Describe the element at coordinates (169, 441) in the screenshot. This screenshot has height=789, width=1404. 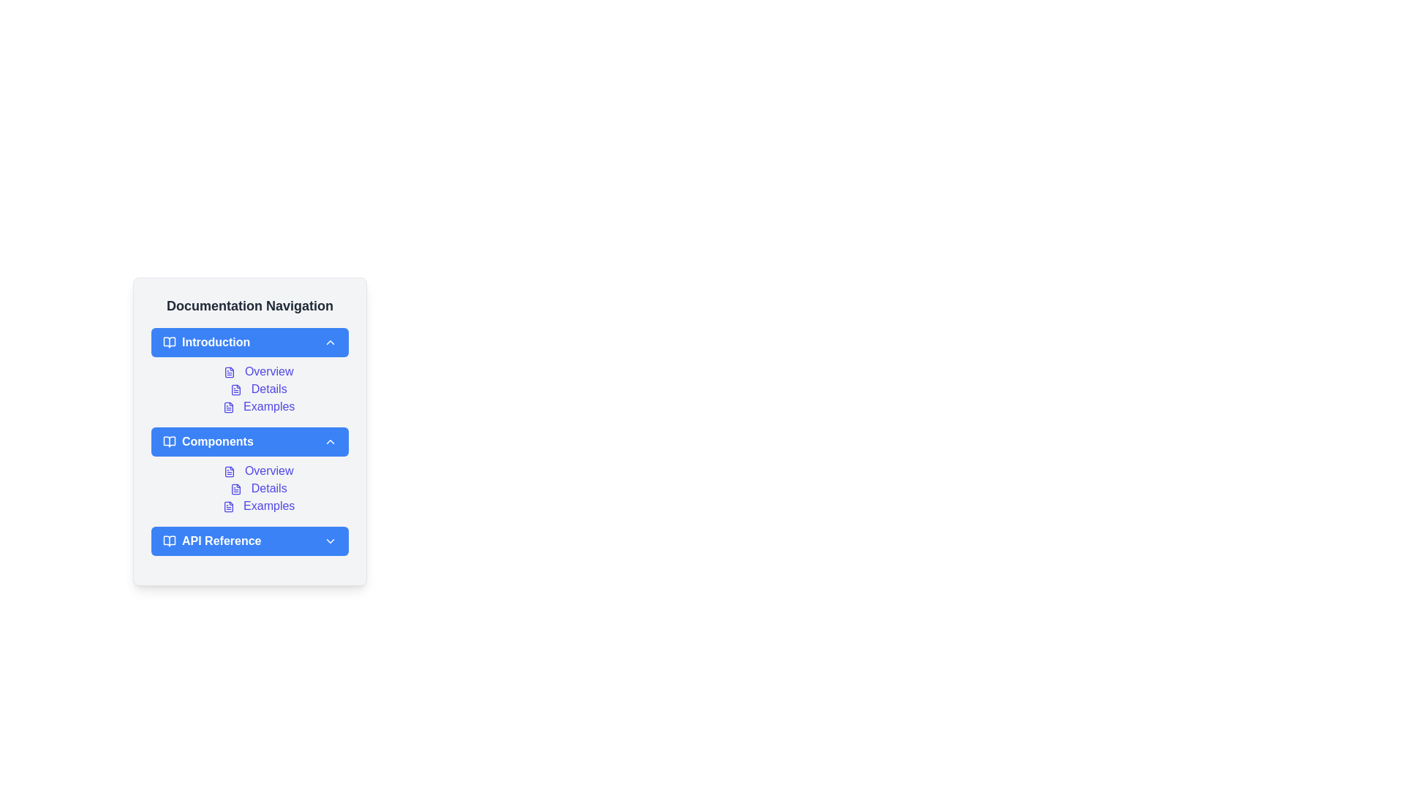
I see `the 'Components' icon in the sidebar navigation menu, which visually represents the 'Components' section and is located next to the 'Components' header` at that location.